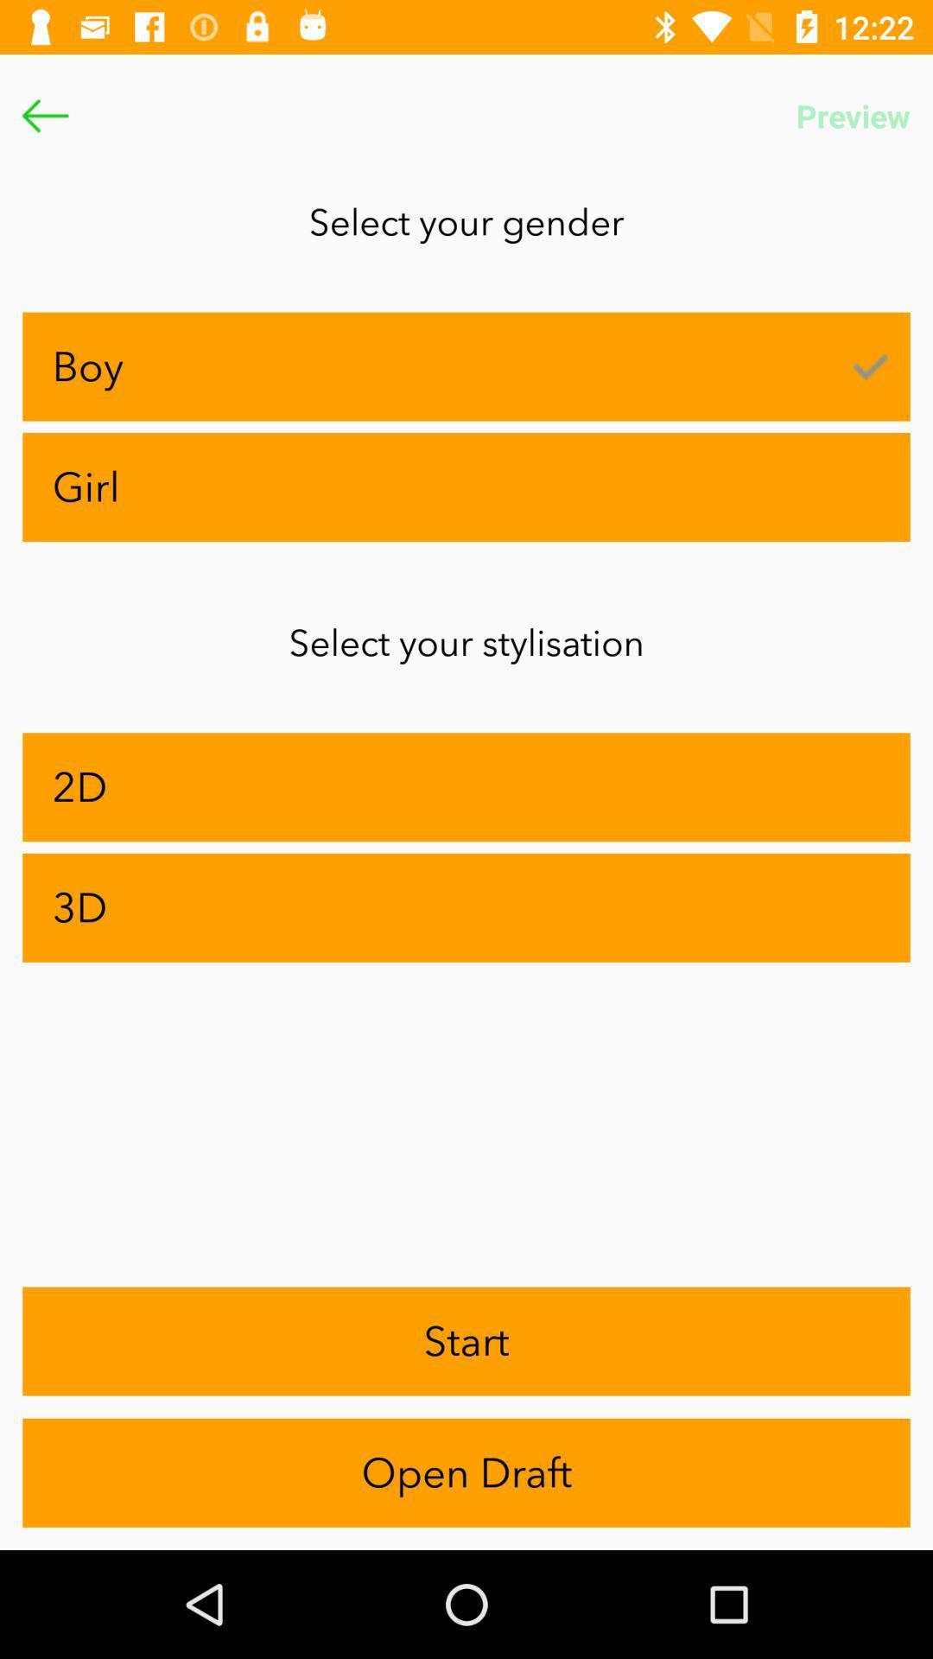 The width and height of the screenshot is (933, 1659). I want to click on open draft item, so click(466, 1471).